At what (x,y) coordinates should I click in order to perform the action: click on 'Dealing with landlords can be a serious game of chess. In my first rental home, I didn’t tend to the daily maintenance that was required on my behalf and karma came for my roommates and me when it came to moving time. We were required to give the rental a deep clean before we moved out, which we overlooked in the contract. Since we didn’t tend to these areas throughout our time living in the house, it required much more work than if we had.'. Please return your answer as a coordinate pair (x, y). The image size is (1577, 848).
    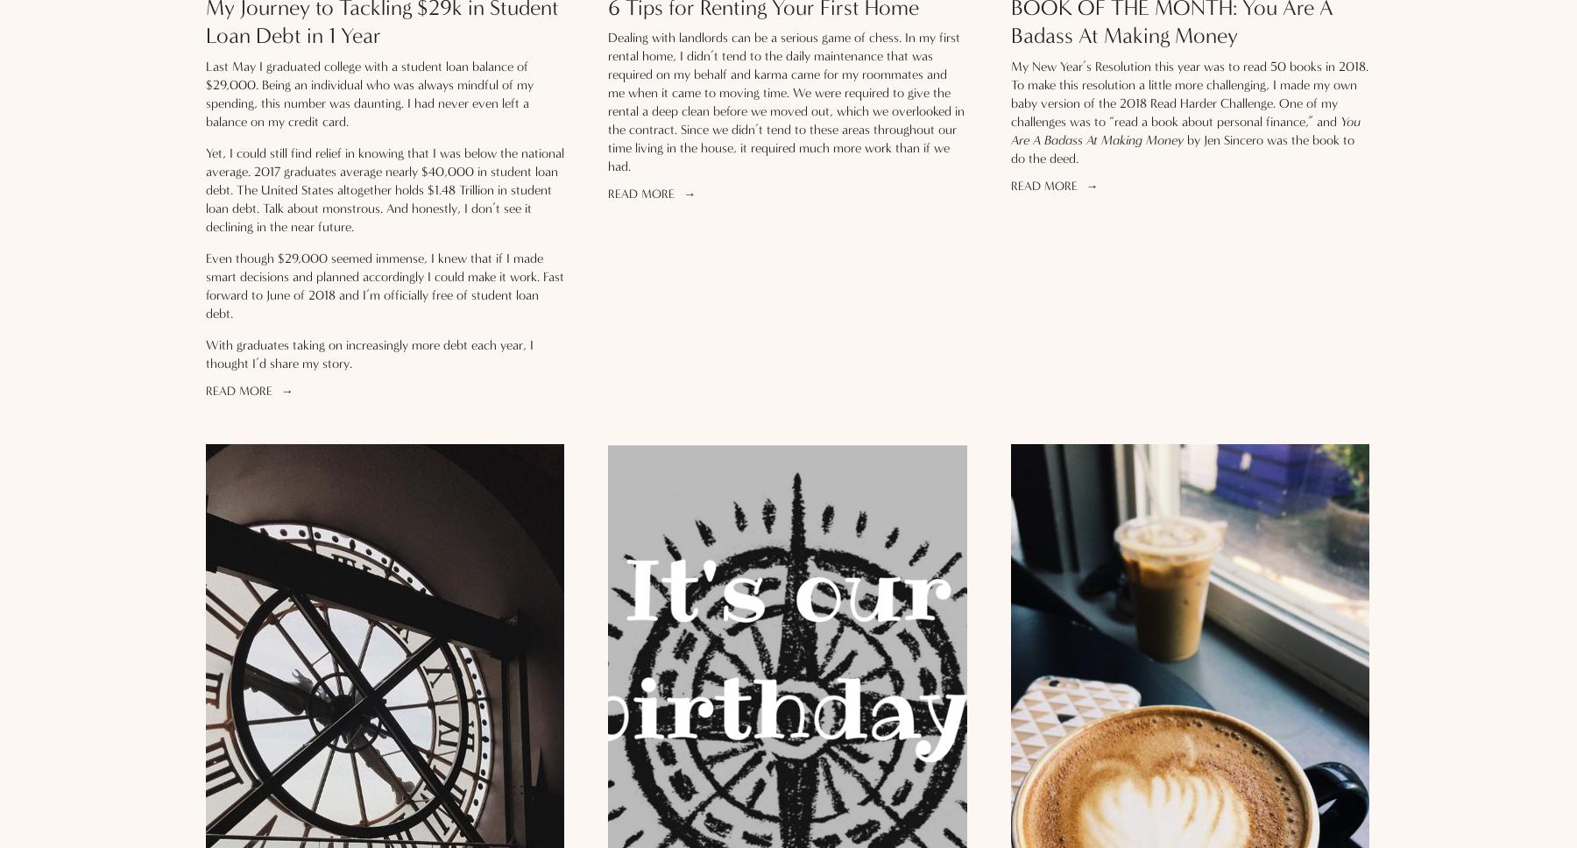
    Looking at the image, I should click on (607, 102).